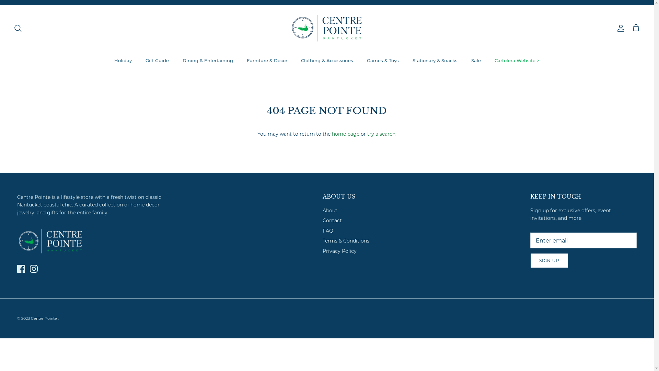 This screenshot has width=659, height=371. What do you see at coordinates (339, 251) in the screenshot?
I see `'Privacy Policy'` at bounding box center [339, 251].